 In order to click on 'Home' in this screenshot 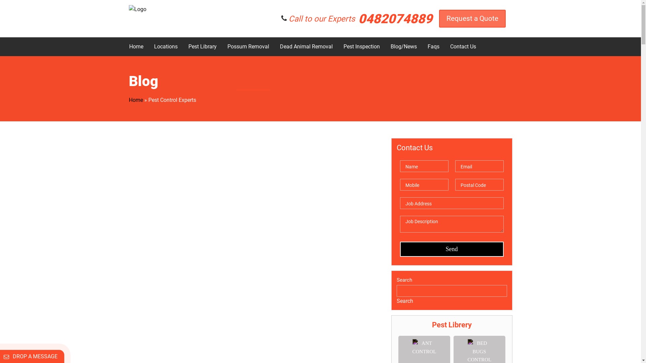, I will do `click(124, 46)`.